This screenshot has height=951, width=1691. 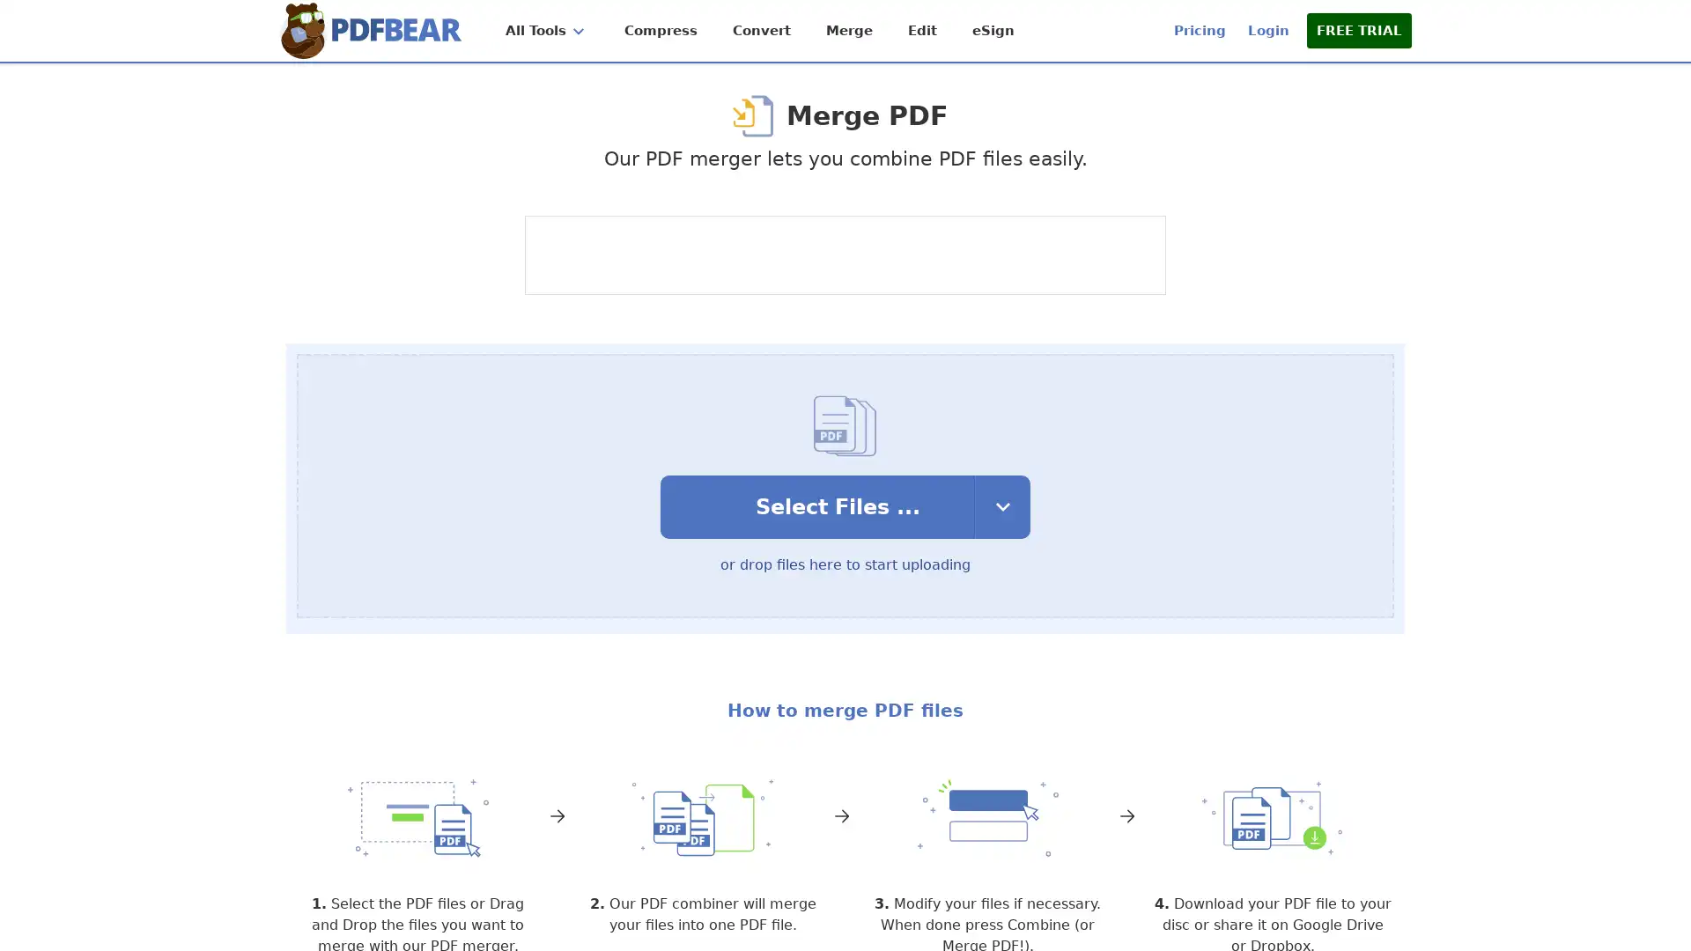 What do you see at coordinates (993, 30) in the screenshot?
I see `eSign` at bounding box center [993, 30].